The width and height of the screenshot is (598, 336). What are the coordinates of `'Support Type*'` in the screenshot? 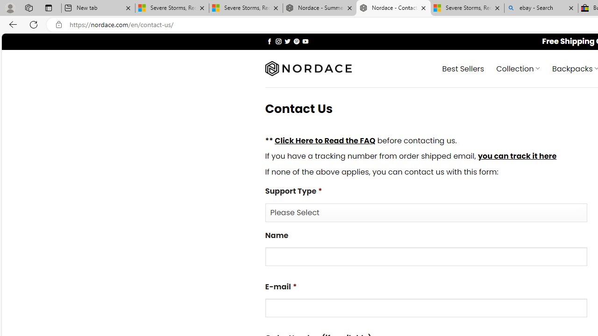 It's located at (426, 212).